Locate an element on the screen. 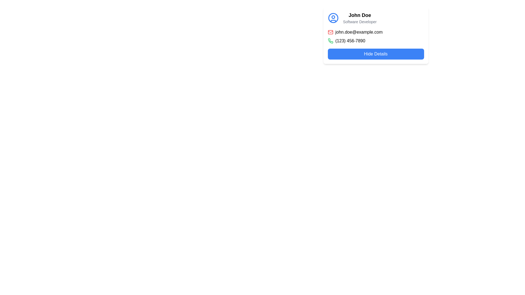 The width and height of the screenshot is (525, 295). the button at the bottom of the card displaying information about 'John Doe' to hide details is located at coordinates (375, 54).